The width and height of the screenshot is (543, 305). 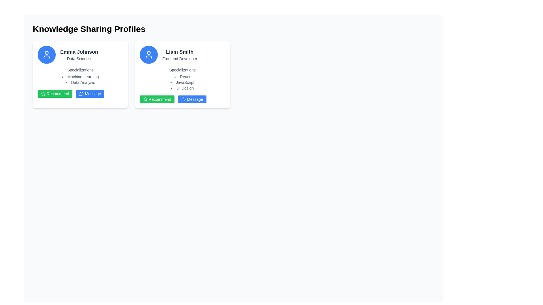 I want to click on the button group in the profile card for 'Liam Smith, Frontend Developer', which includes the 'Recommend' and 'Message' buttons, so click(x=182, y=99).